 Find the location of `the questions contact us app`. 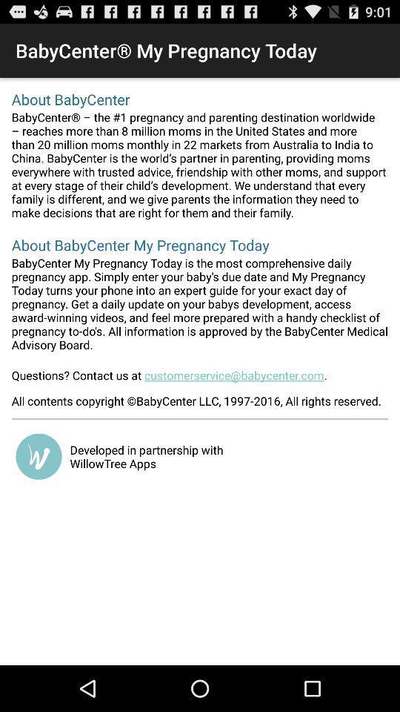

the questions contact us app is located at coordinates (200, 379).